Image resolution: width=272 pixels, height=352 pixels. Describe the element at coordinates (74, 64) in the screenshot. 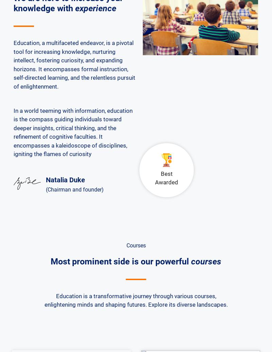

I see `'Education, a multifaceted endeavor, is a pivotal tool for increasing knowledge, nurturing intellect, fostering curiosity, and expanding horizons. It encompasses formal instruction, self-directed learning, and the relentless pursuit of enlightenment.'` at that location.